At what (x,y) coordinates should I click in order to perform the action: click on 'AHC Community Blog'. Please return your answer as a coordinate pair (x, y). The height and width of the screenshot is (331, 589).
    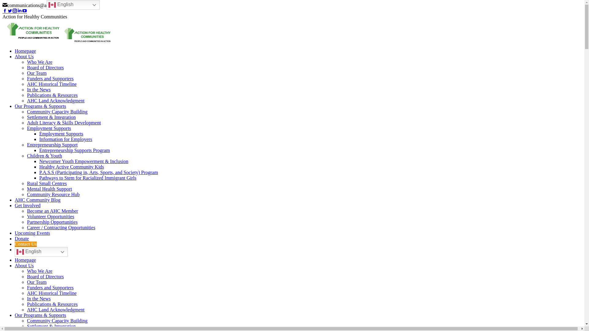
    Looking at the image, I should click on (37, 200).